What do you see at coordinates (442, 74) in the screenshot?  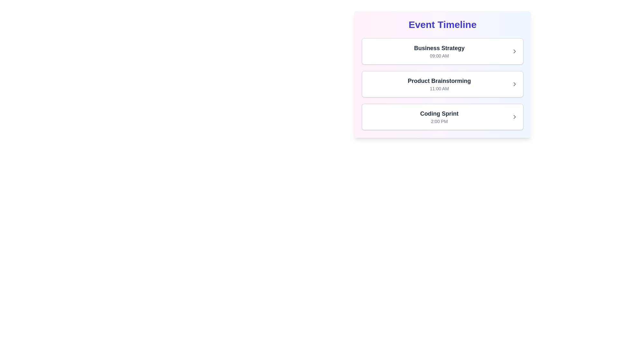 I see `the second timeline item in the schedule component titled 'Product Brainstorming'` at bounding box center [442, 74].